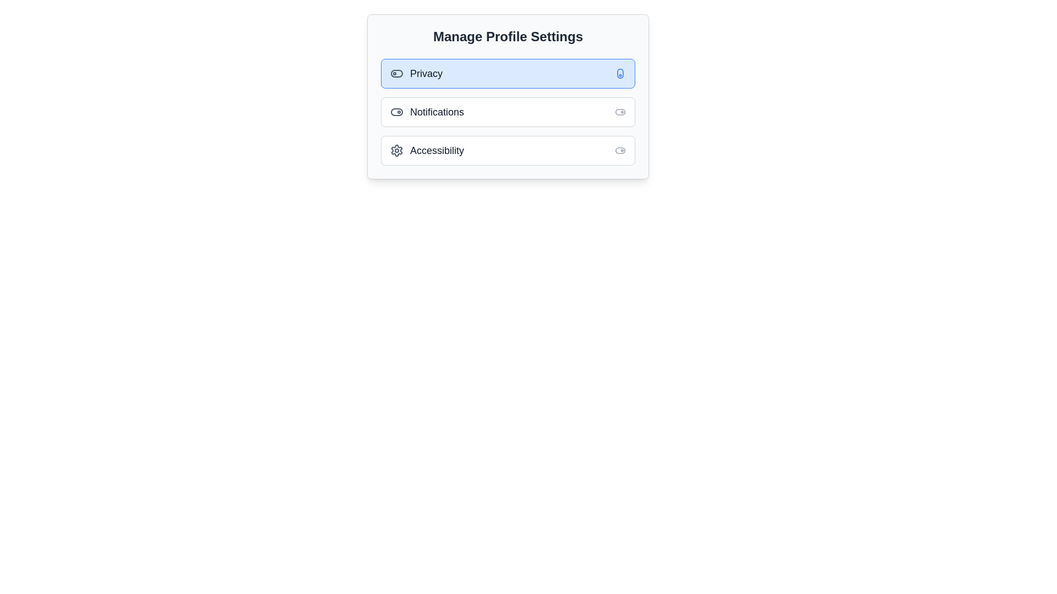 This screenshot has width=1057, height=594. Describe the element at coordinates (427, 150) in the screenshot. I see `the 'Accessibility' menu option, which is represented by bold text and a gear icon` at that location.